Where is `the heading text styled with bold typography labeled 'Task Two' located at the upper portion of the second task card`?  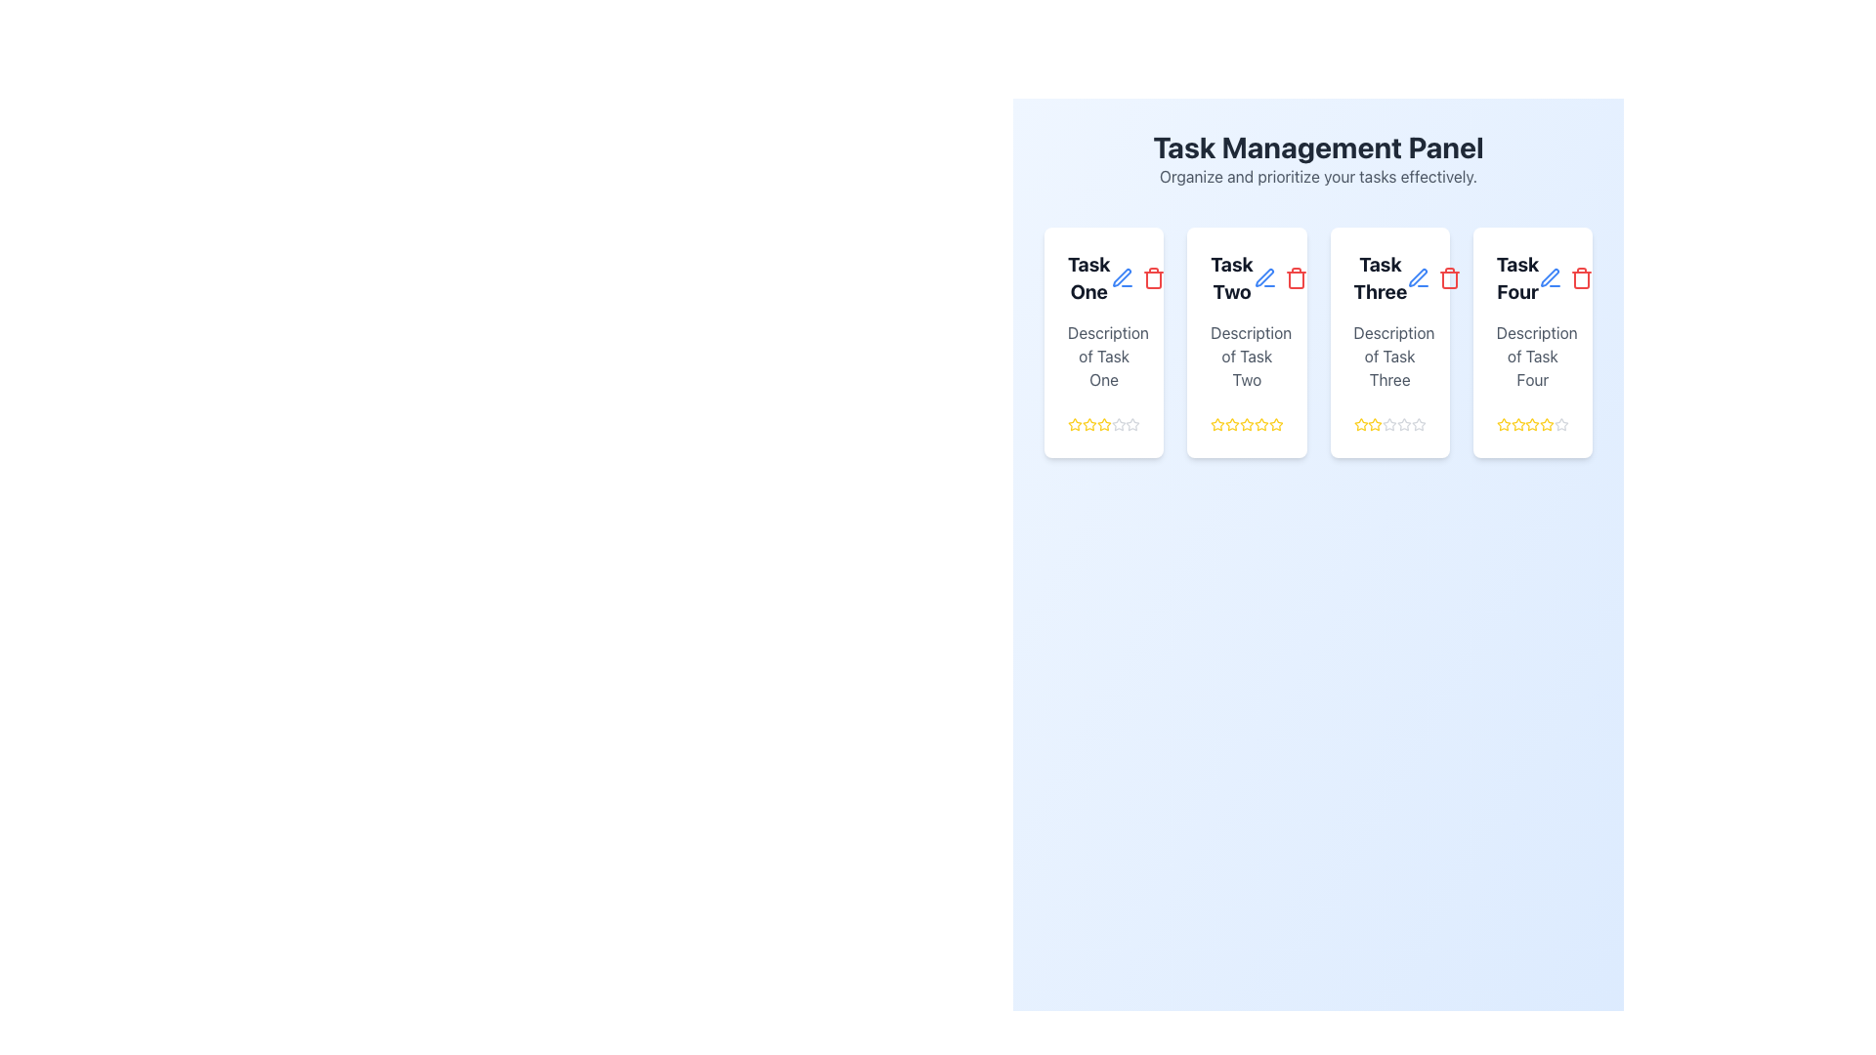
the heading text styled with bold typography labeled 'Task Two' located at the upper portion of the second task card is located at coordinates (1246, 278).